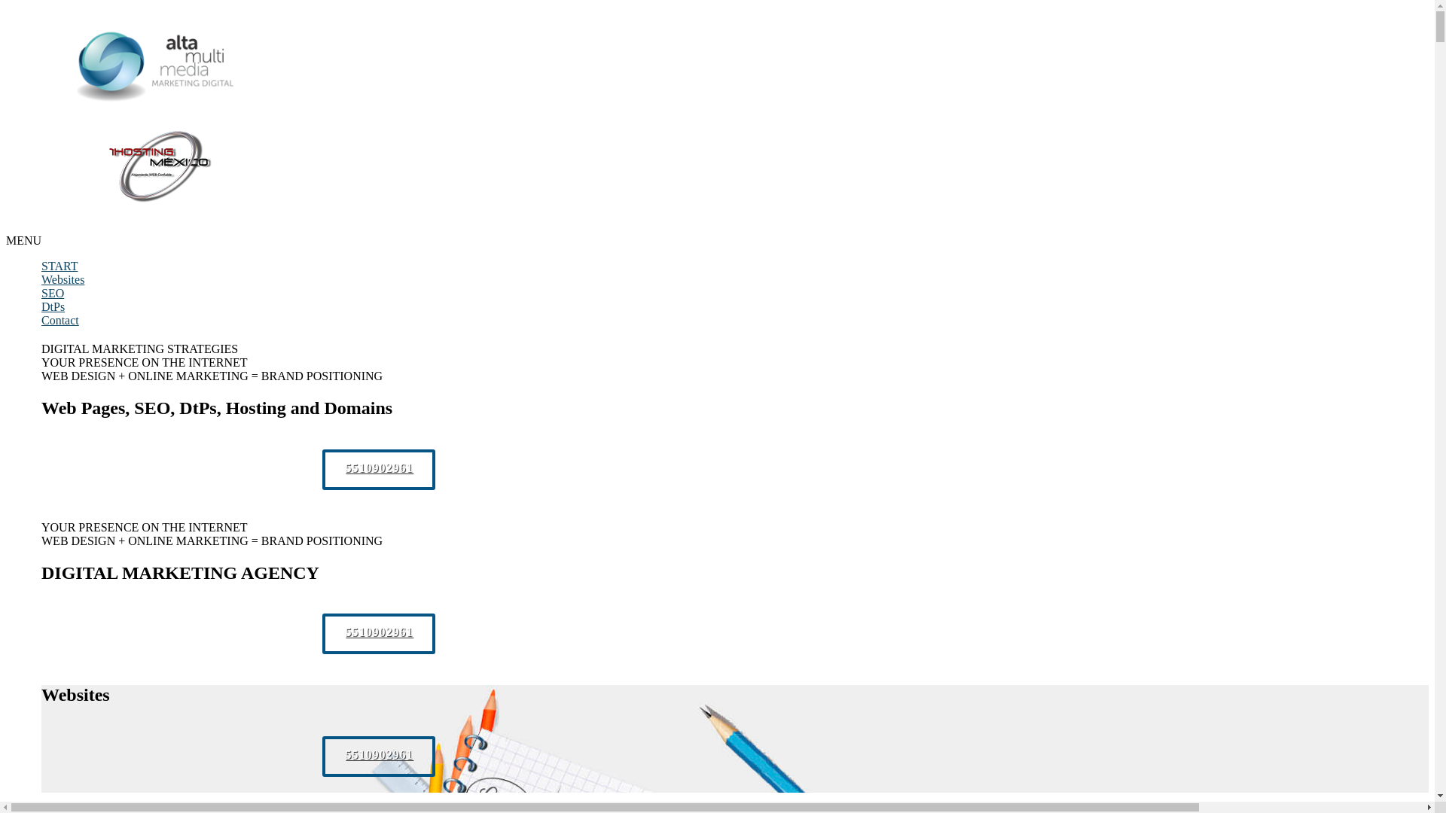 This screenshot has width=1446, height=813. Describe the element at coordinates (60, 319) in the screenshot. I see `'Contact'` at that location.